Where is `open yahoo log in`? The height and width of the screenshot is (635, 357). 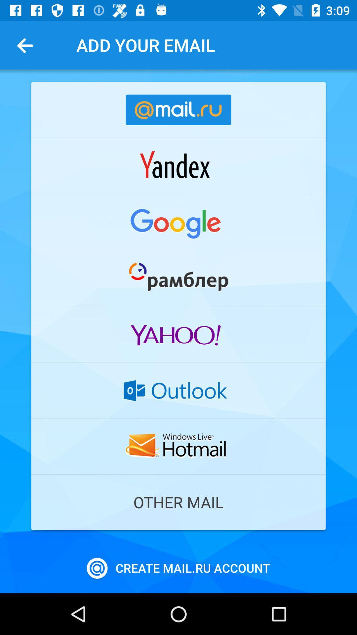 open yahoo log in is located at coordinates (178, 334).